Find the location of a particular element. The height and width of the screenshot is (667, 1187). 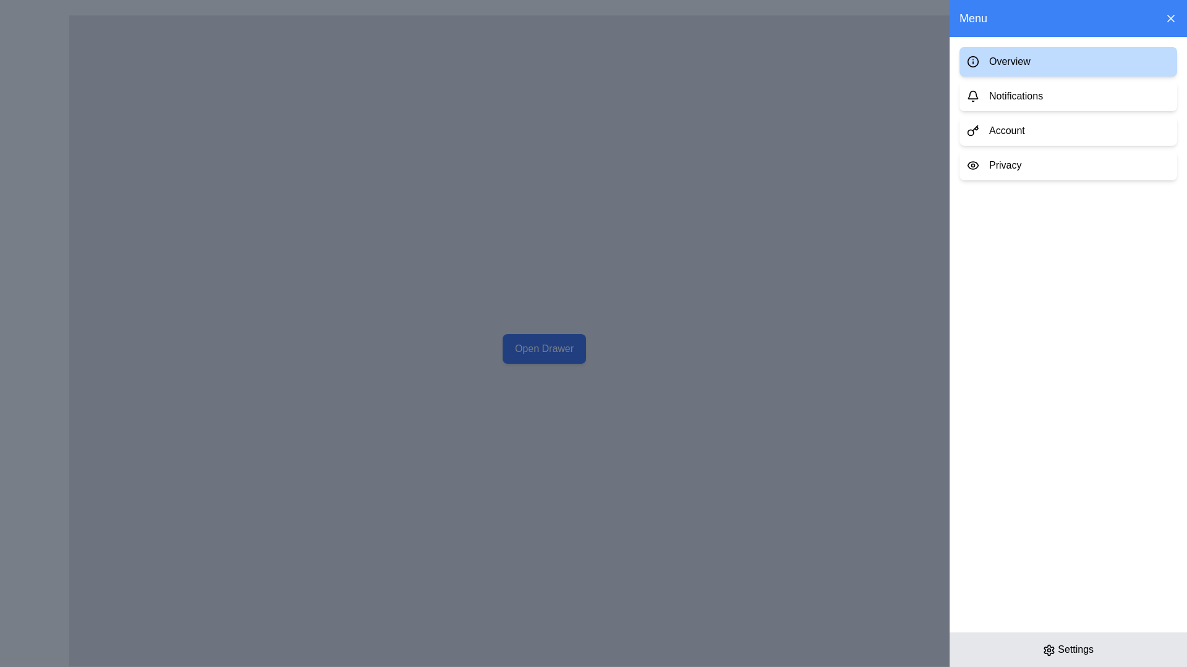

the associated menu option is located at coordinates (972, 62).